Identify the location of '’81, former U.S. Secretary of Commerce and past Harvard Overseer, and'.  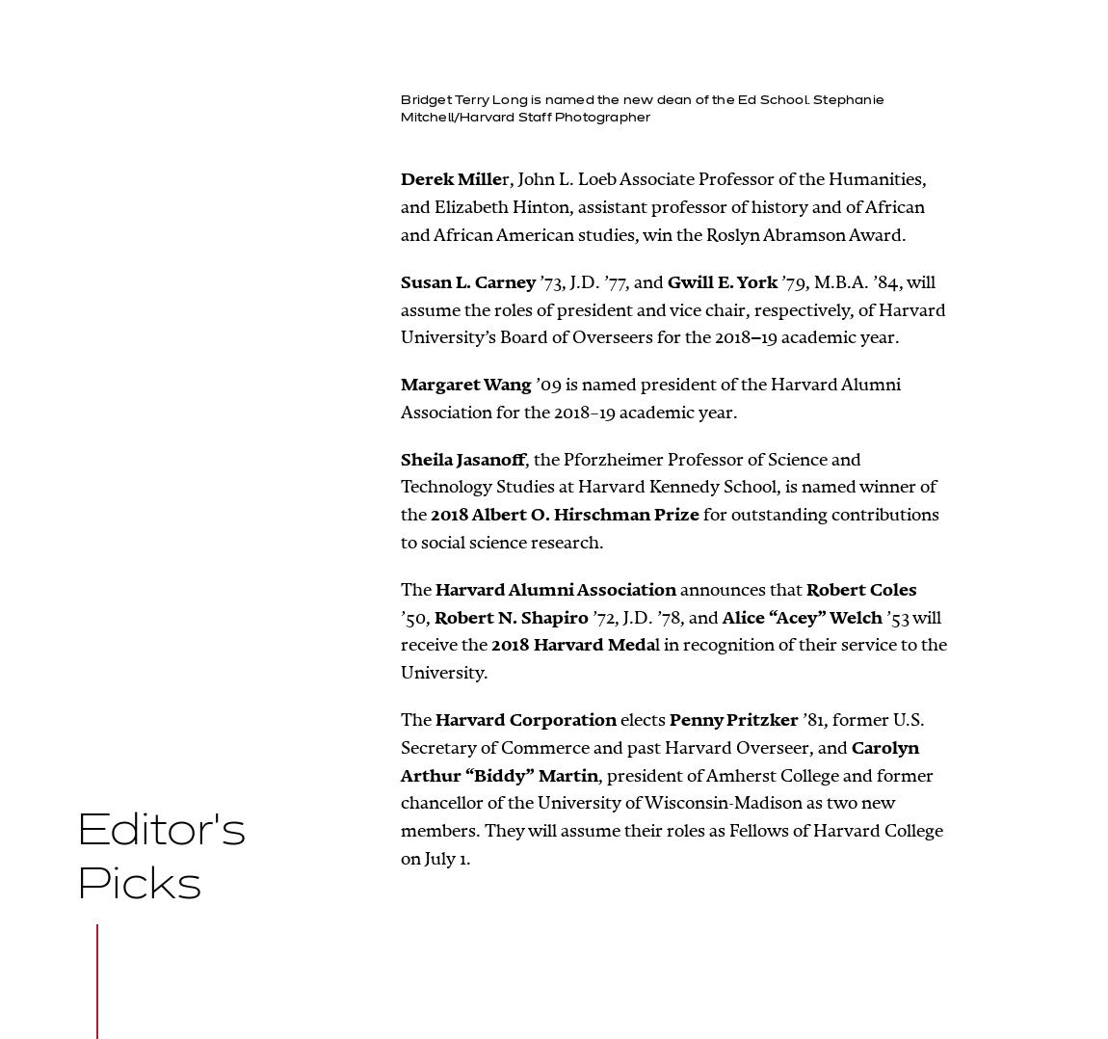
(662, 733).